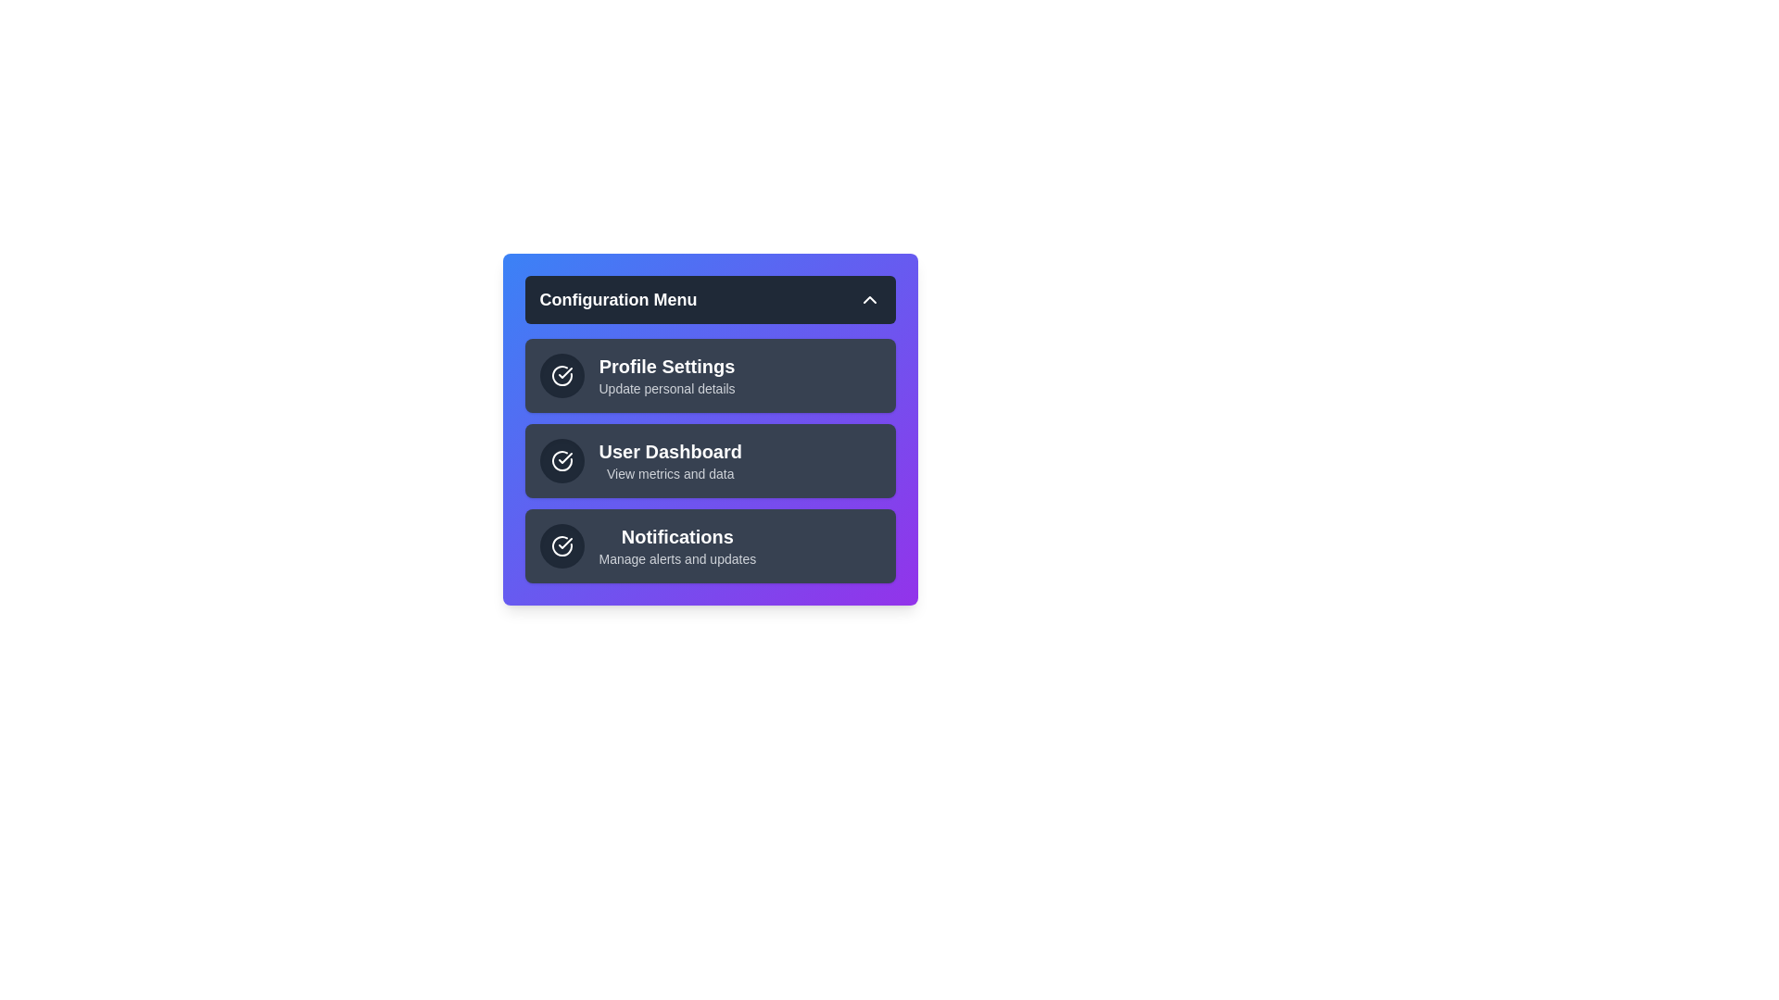 This screenshot has height=1000, width=1779. What do you see at coordinates (561, 375) in the screenshot?
I see `the icon next to Profile Settings` at bounding box center [561, 375].